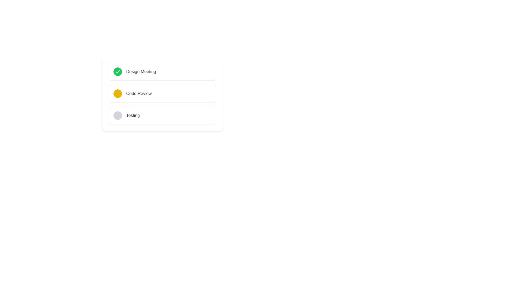  Describe the element at coordinates (139, 93) in the screenshot. I see `the text label that identifies the associated menu item in the vertical menu, which is the second list item below 'Design Meeting' and above 'Testing'` at that location.